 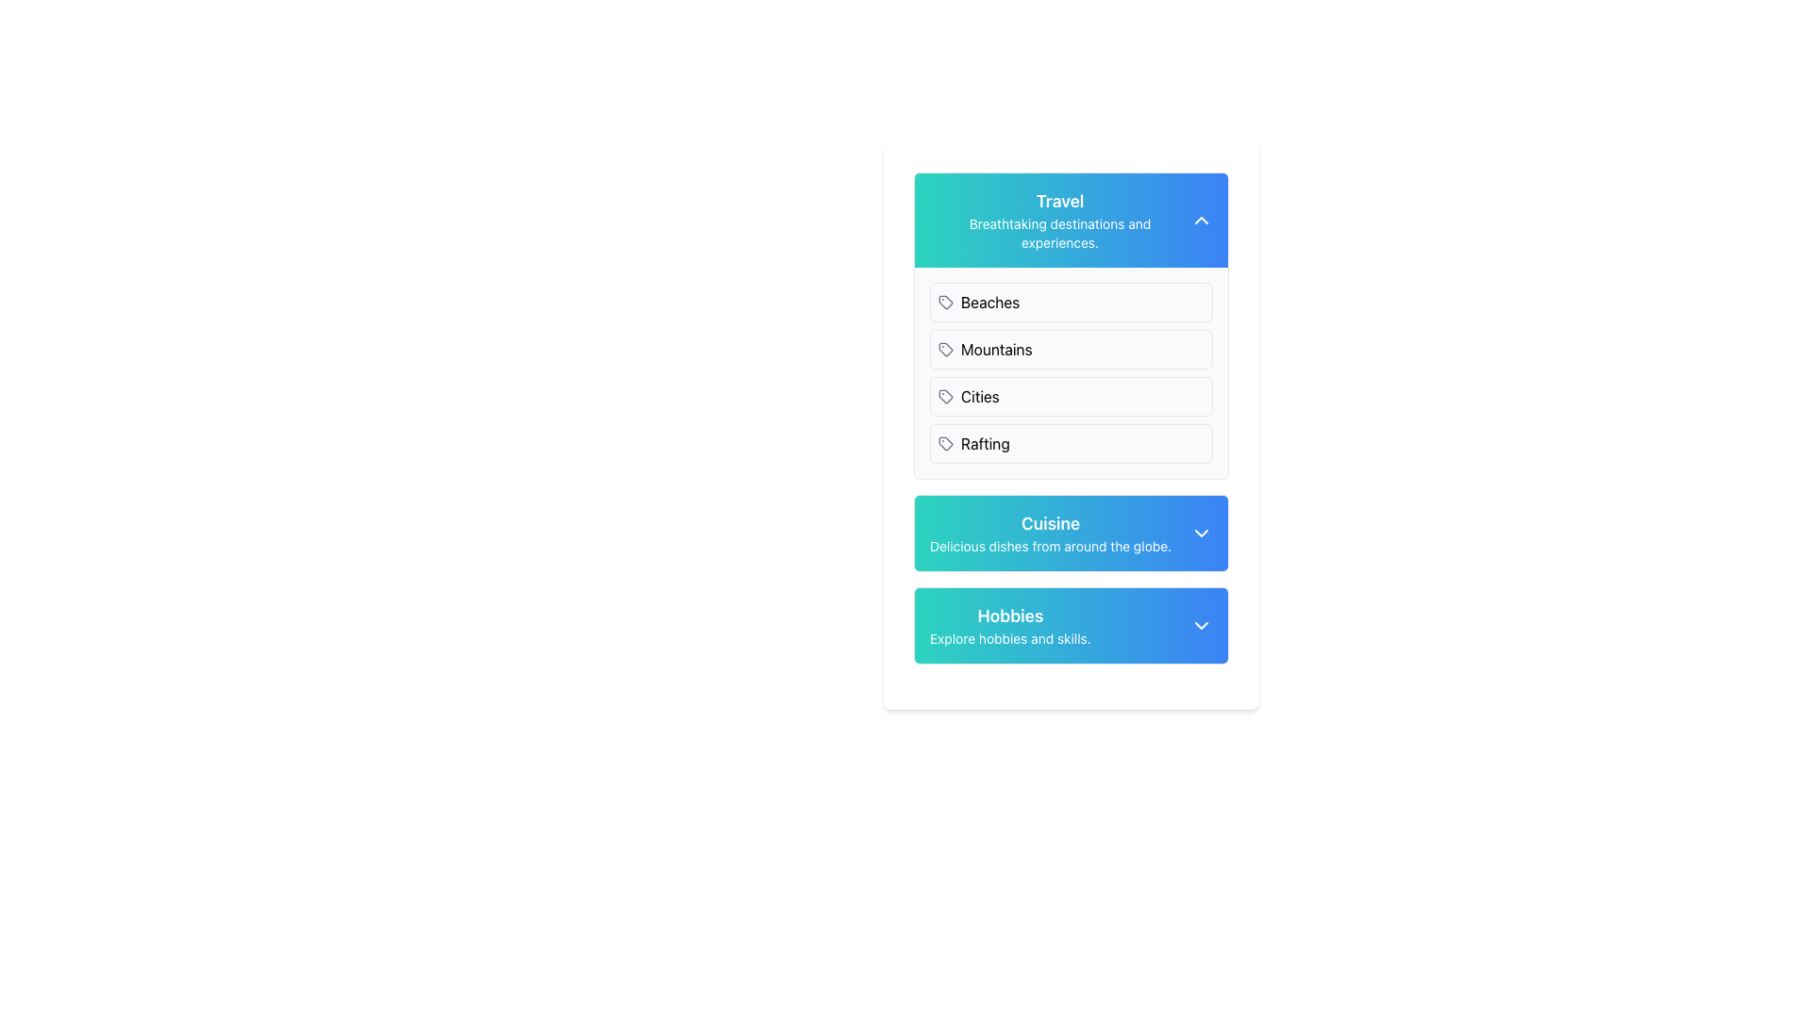 What do you see at coordinates (1049, 546) in the screenshot?
I see `the static text label that reads 'Delicious dishes from around the globe.' which is located below the 'Cuisine' heading in the second card of the vertical stack` at bounding box center [1049, 546].